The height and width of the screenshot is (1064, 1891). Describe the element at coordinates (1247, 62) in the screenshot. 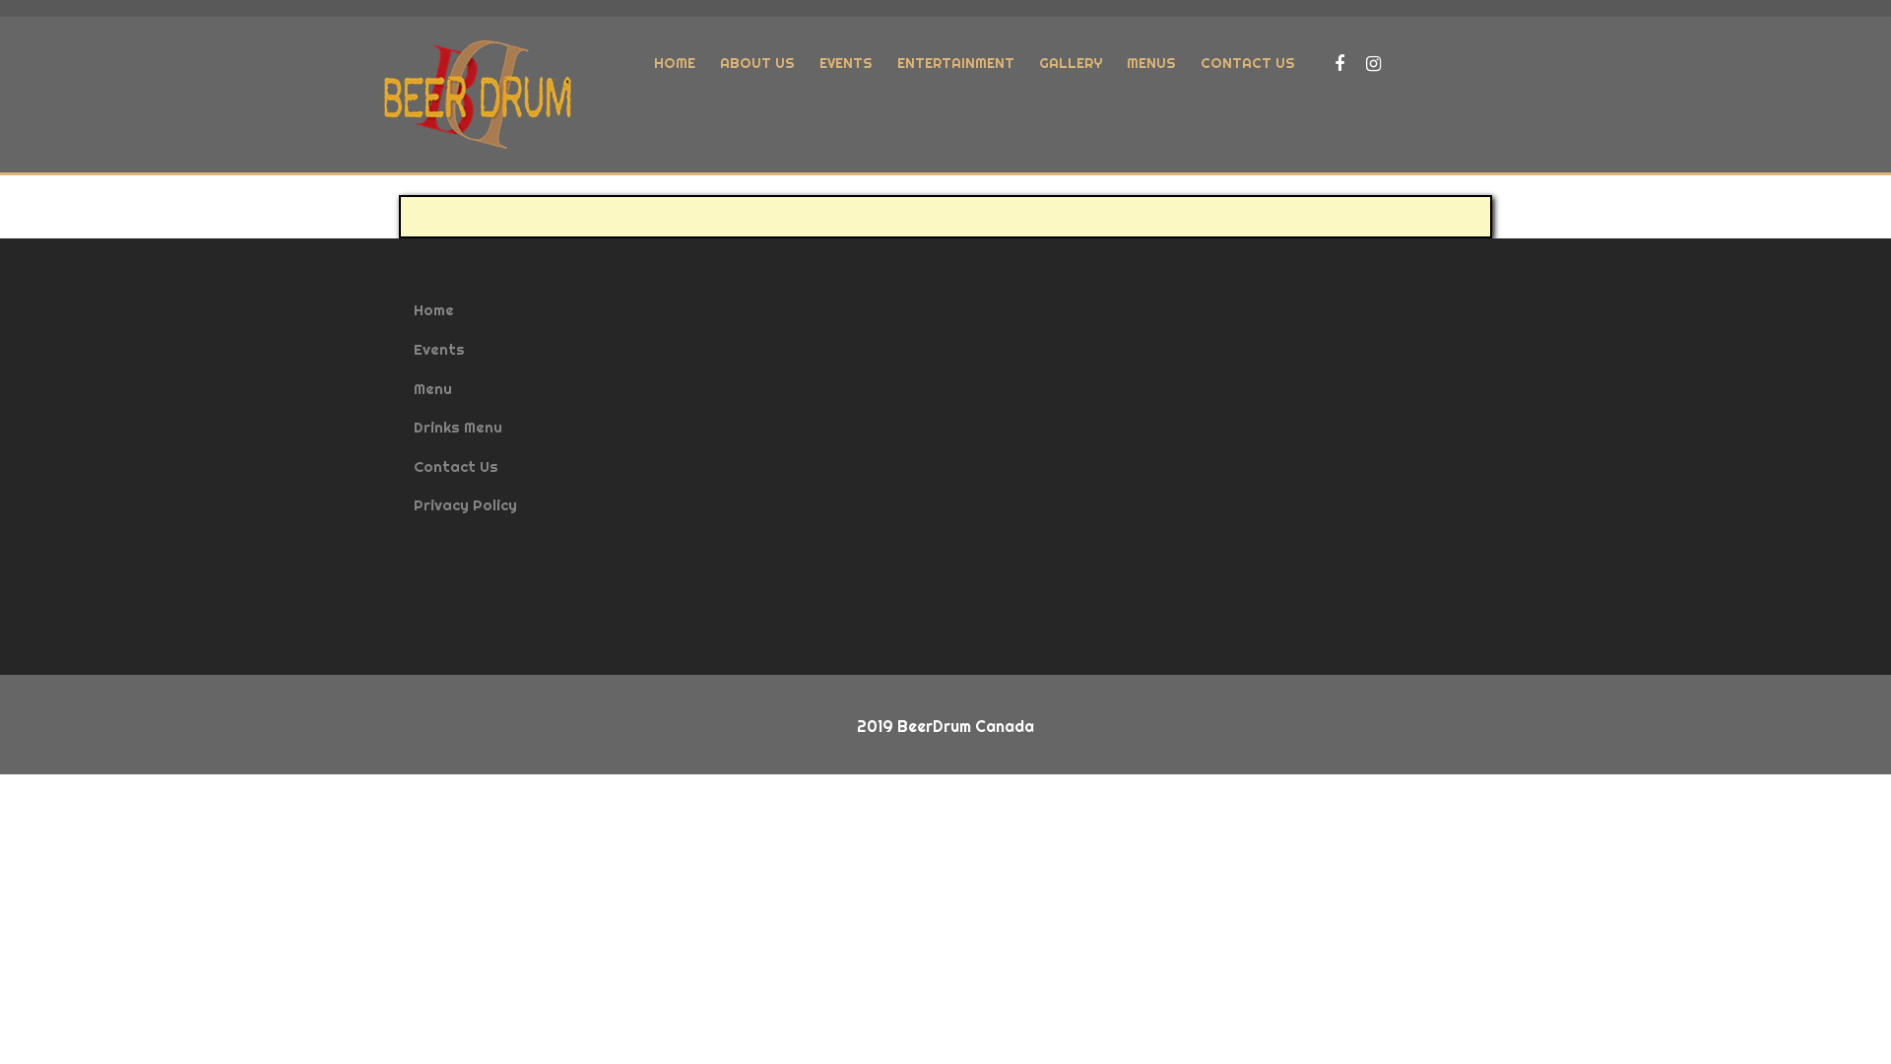

I see `'CONTACT US'` at that location.